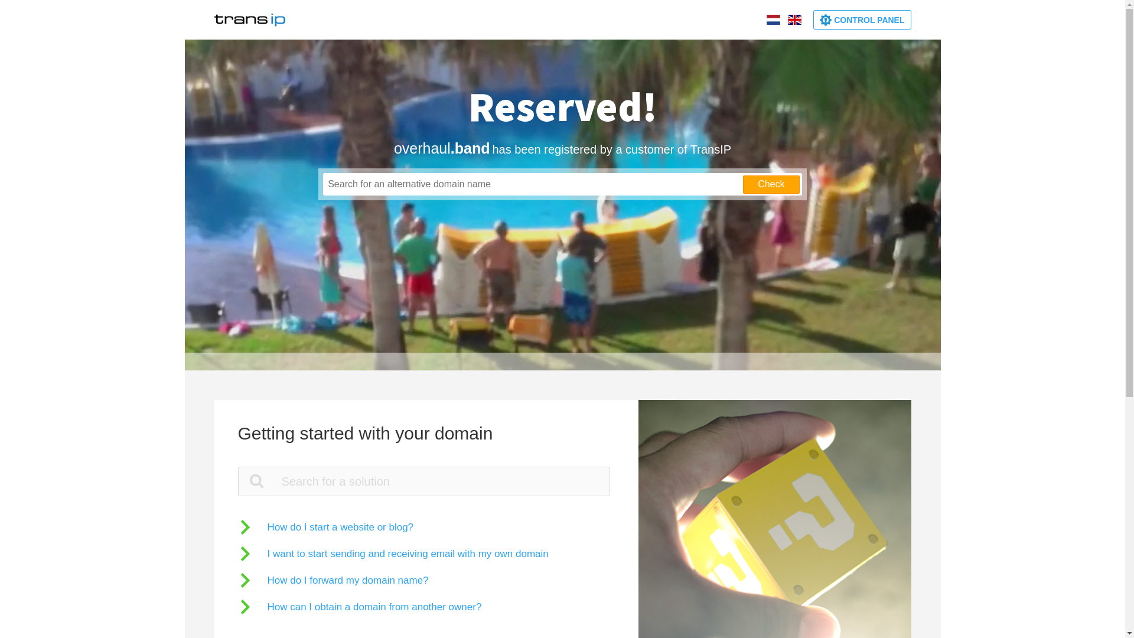 Image resolution: width=1134 pixels, height=638 pixels. I want to click on 'How do I forward my domain name?', so click(332, 580).